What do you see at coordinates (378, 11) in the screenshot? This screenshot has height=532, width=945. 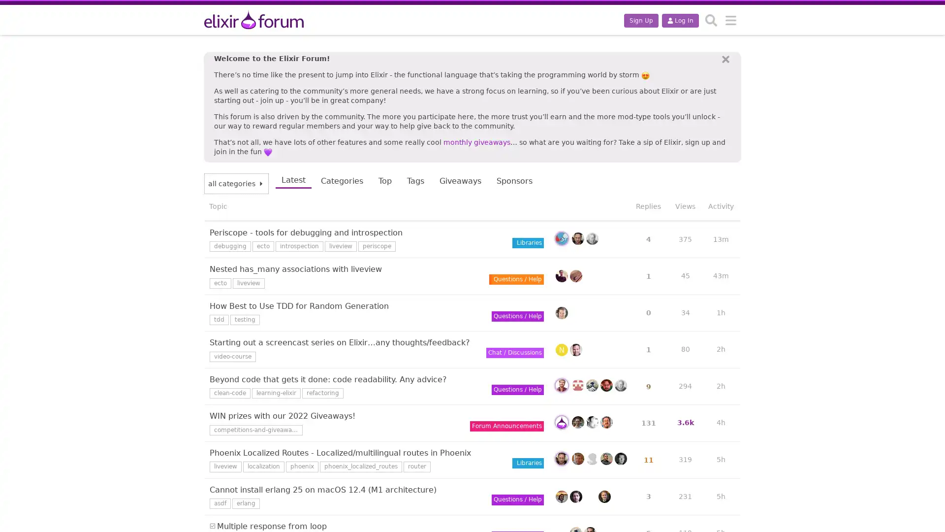 I see `This topic has 5 replies` at bounding box center [378, 11].